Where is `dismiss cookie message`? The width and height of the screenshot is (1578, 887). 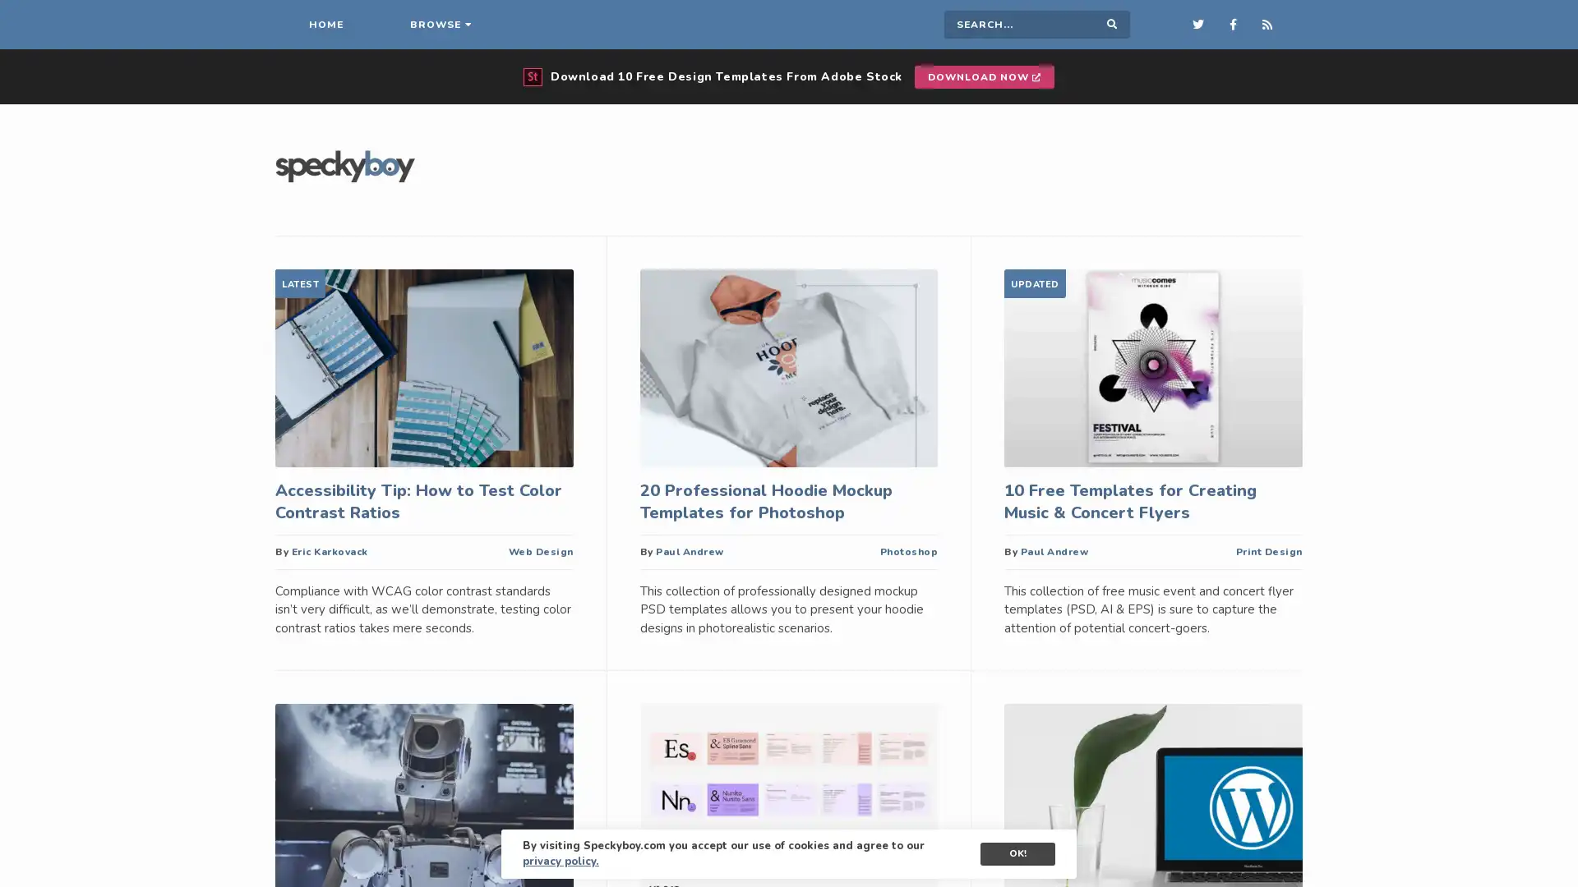 dismiss cookie message is located at coordinates (1017, 853).